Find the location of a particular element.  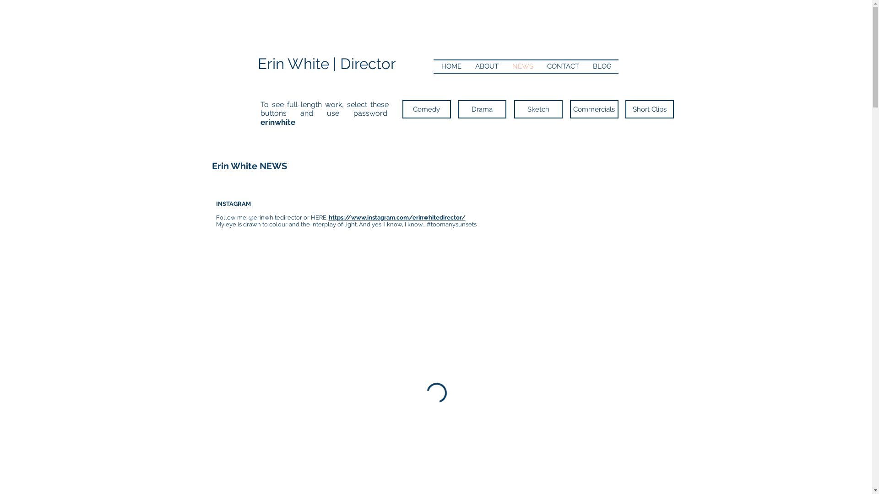

'Comedy' is located at coordinates (426, 109).